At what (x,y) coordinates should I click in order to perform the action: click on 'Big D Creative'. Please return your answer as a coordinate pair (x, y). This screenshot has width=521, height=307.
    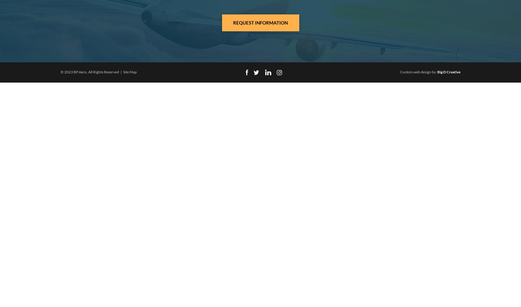
    Looking at the image, I should click on (448, 72).